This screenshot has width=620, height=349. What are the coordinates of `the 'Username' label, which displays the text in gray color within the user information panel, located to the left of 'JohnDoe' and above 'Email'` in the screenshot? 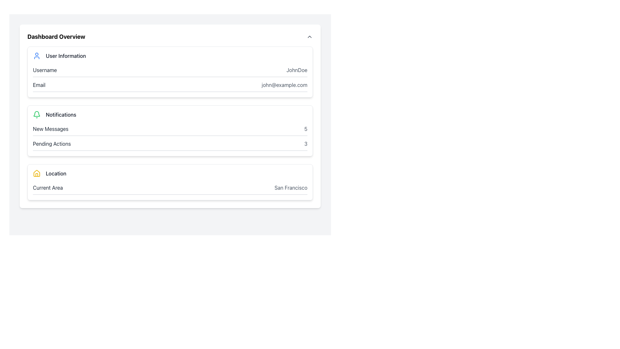 It's located at (45, 70).